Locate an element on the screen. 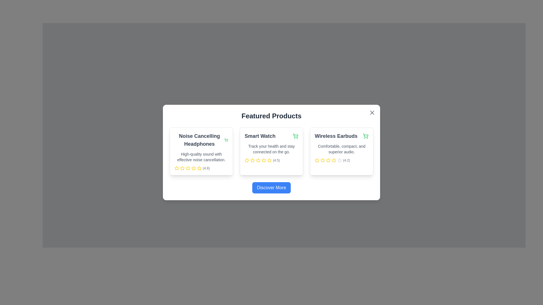 The width and height of the screenshot is (543, 305). text block that reads 'High-quality sound with effective noise cancellation.' located within the product display card for 'Noise Cancelling Headphones.' is located at coordinates (201, 157).